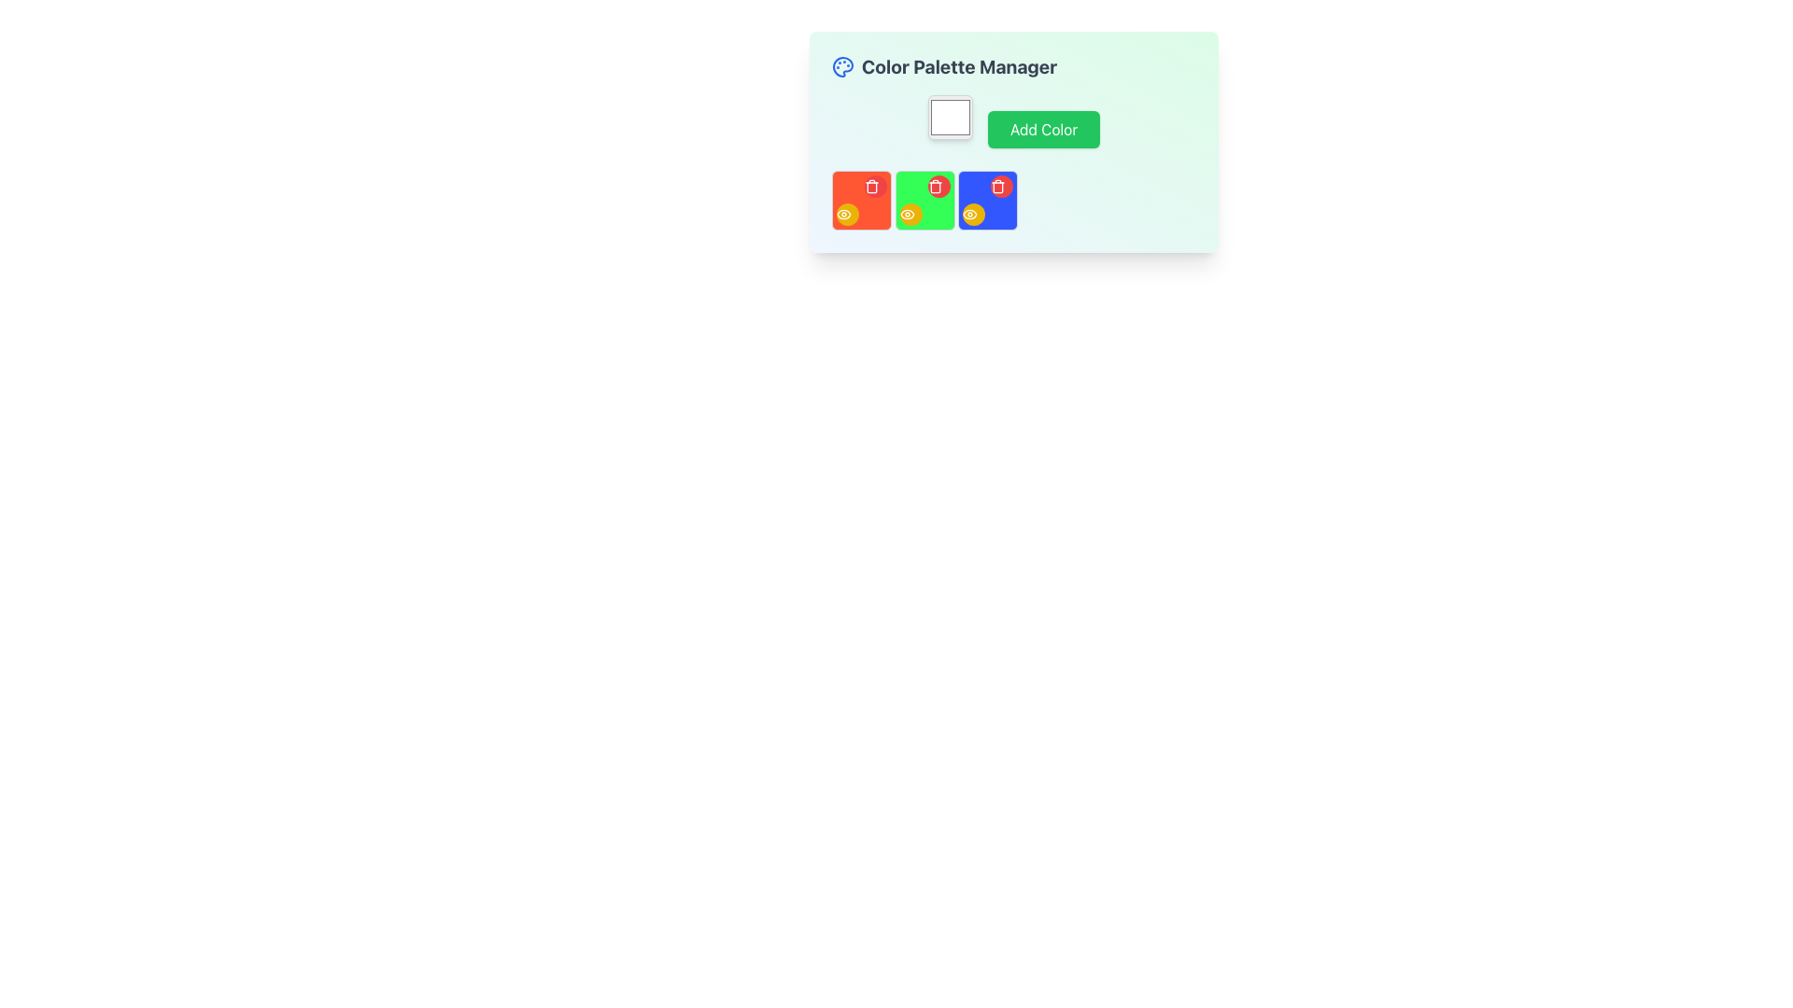  I want to click on the 'Add Color' button with a green background and white bold text, located in the 'Color Palette Manager' section, so click(1012, 121).